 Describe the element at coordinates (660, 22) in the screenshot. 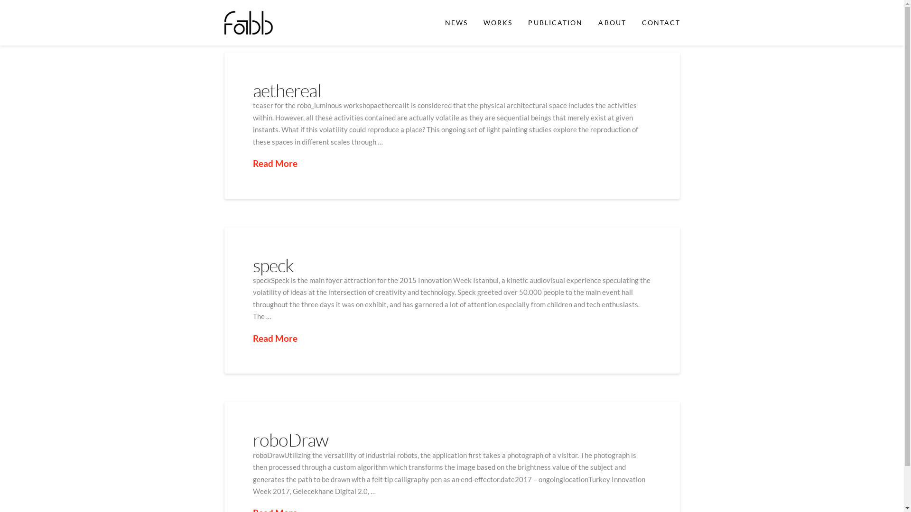

I see `'CONTACT'` at that location.